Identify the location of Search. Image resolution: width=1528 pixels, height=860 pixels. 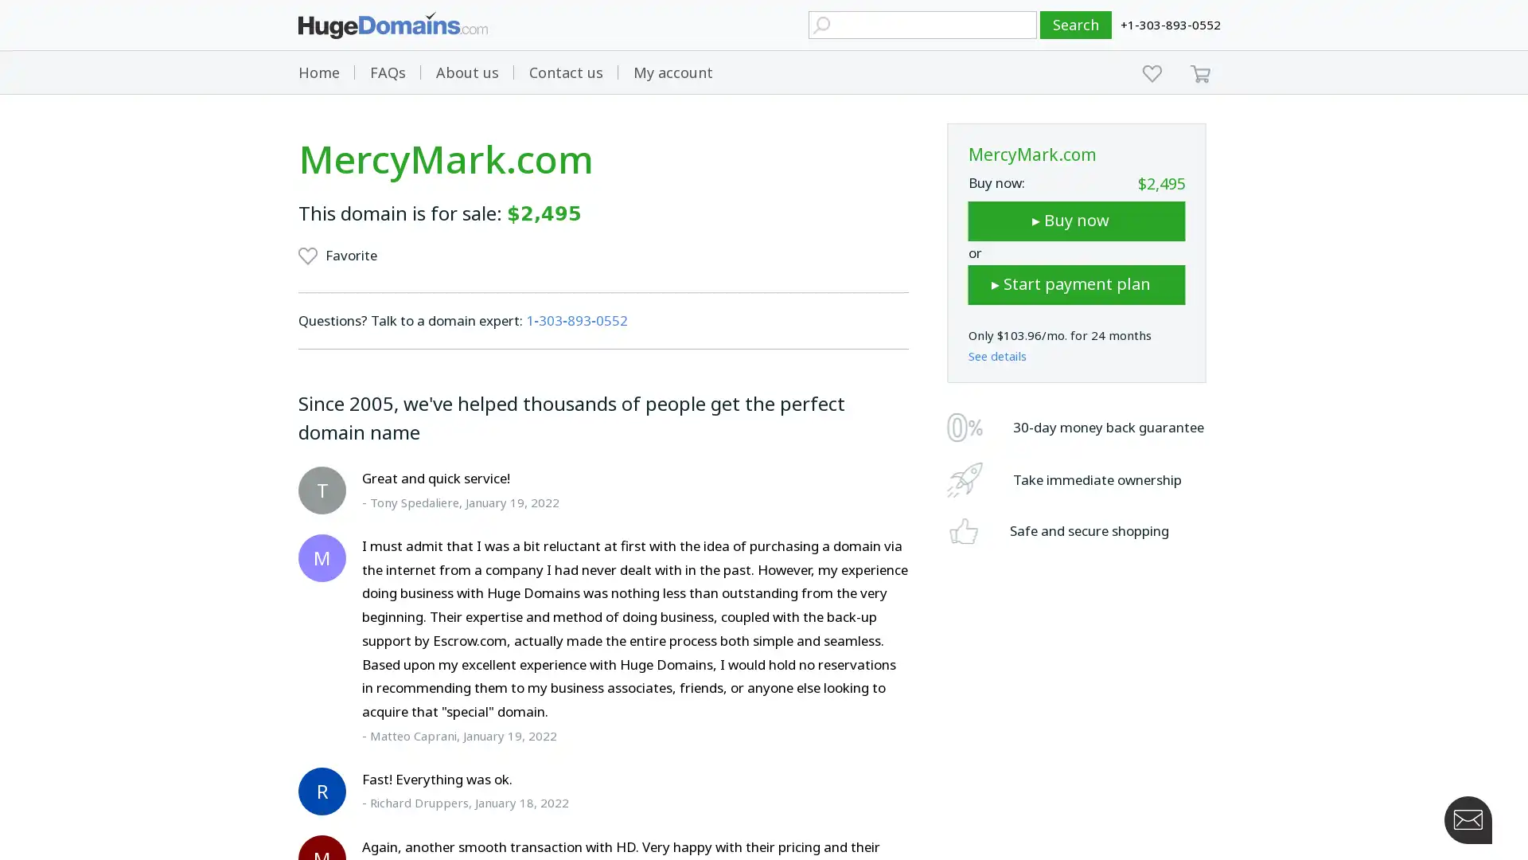
(1076, 25).